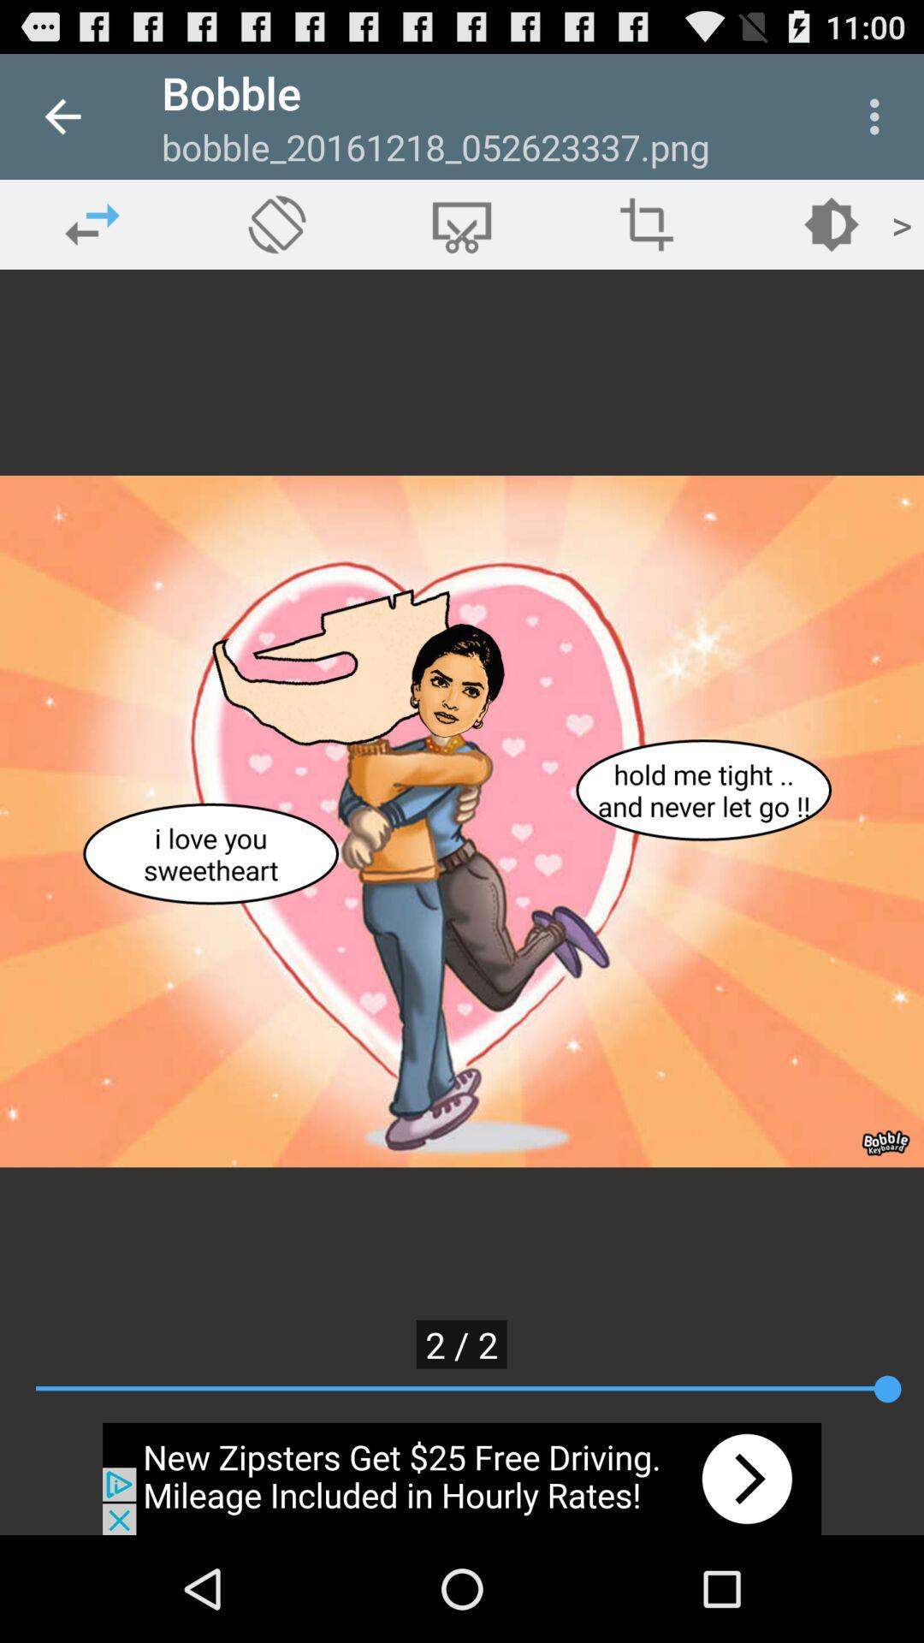 The image size is (924, 1643). I want to click on rotate option, so click(276, 223).